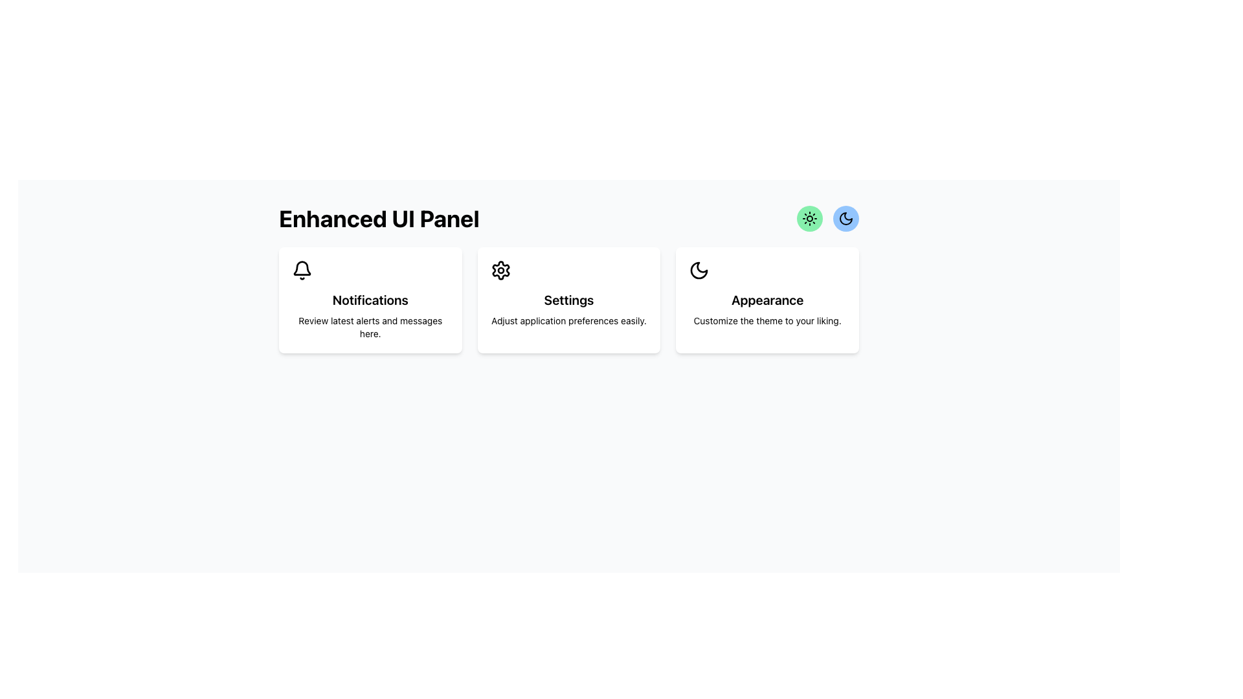  Describe the element at coordinates (767, 320) in the screenshot. I see `the text label that provides a supportive description for the 'Appearance' section, located below the title 'Appearance' in the right-side grid layout` at that location.